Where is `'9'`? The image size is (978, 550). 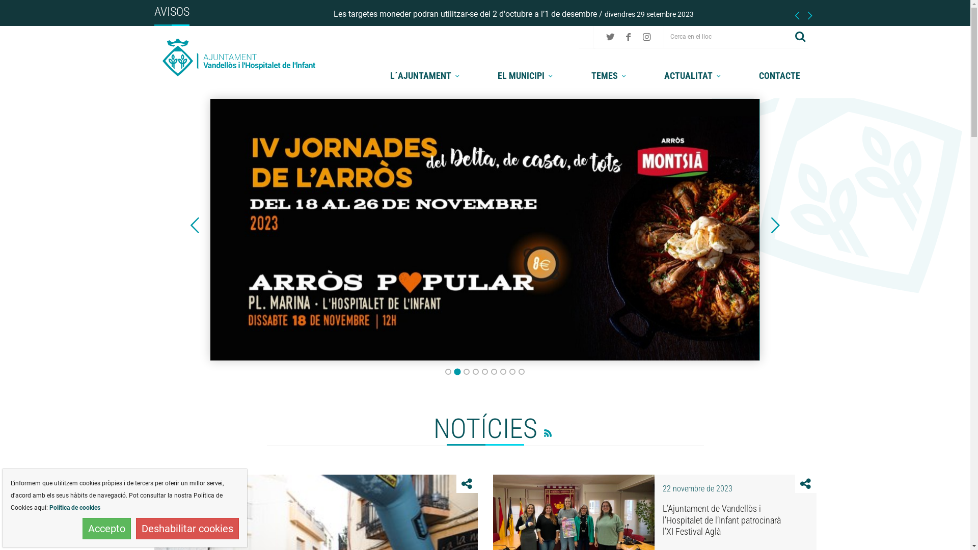 '9' is located at coordinates (521, 371).